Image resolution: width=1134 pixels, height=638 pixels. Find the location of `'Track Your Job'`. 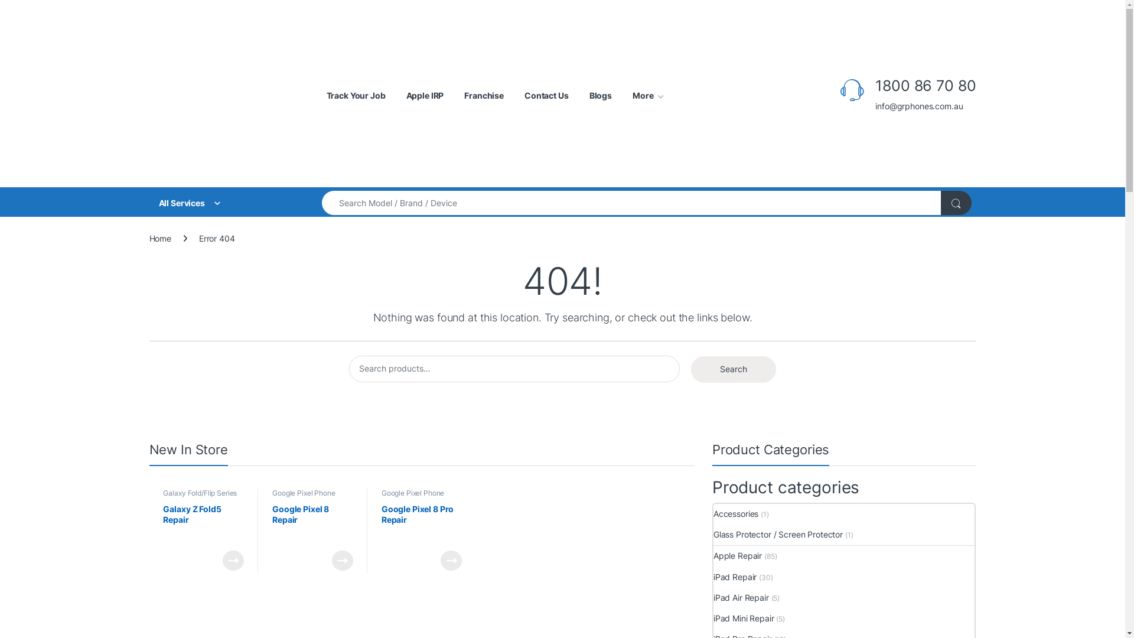

'Track Your Job' is located at coordinates (354, 95).